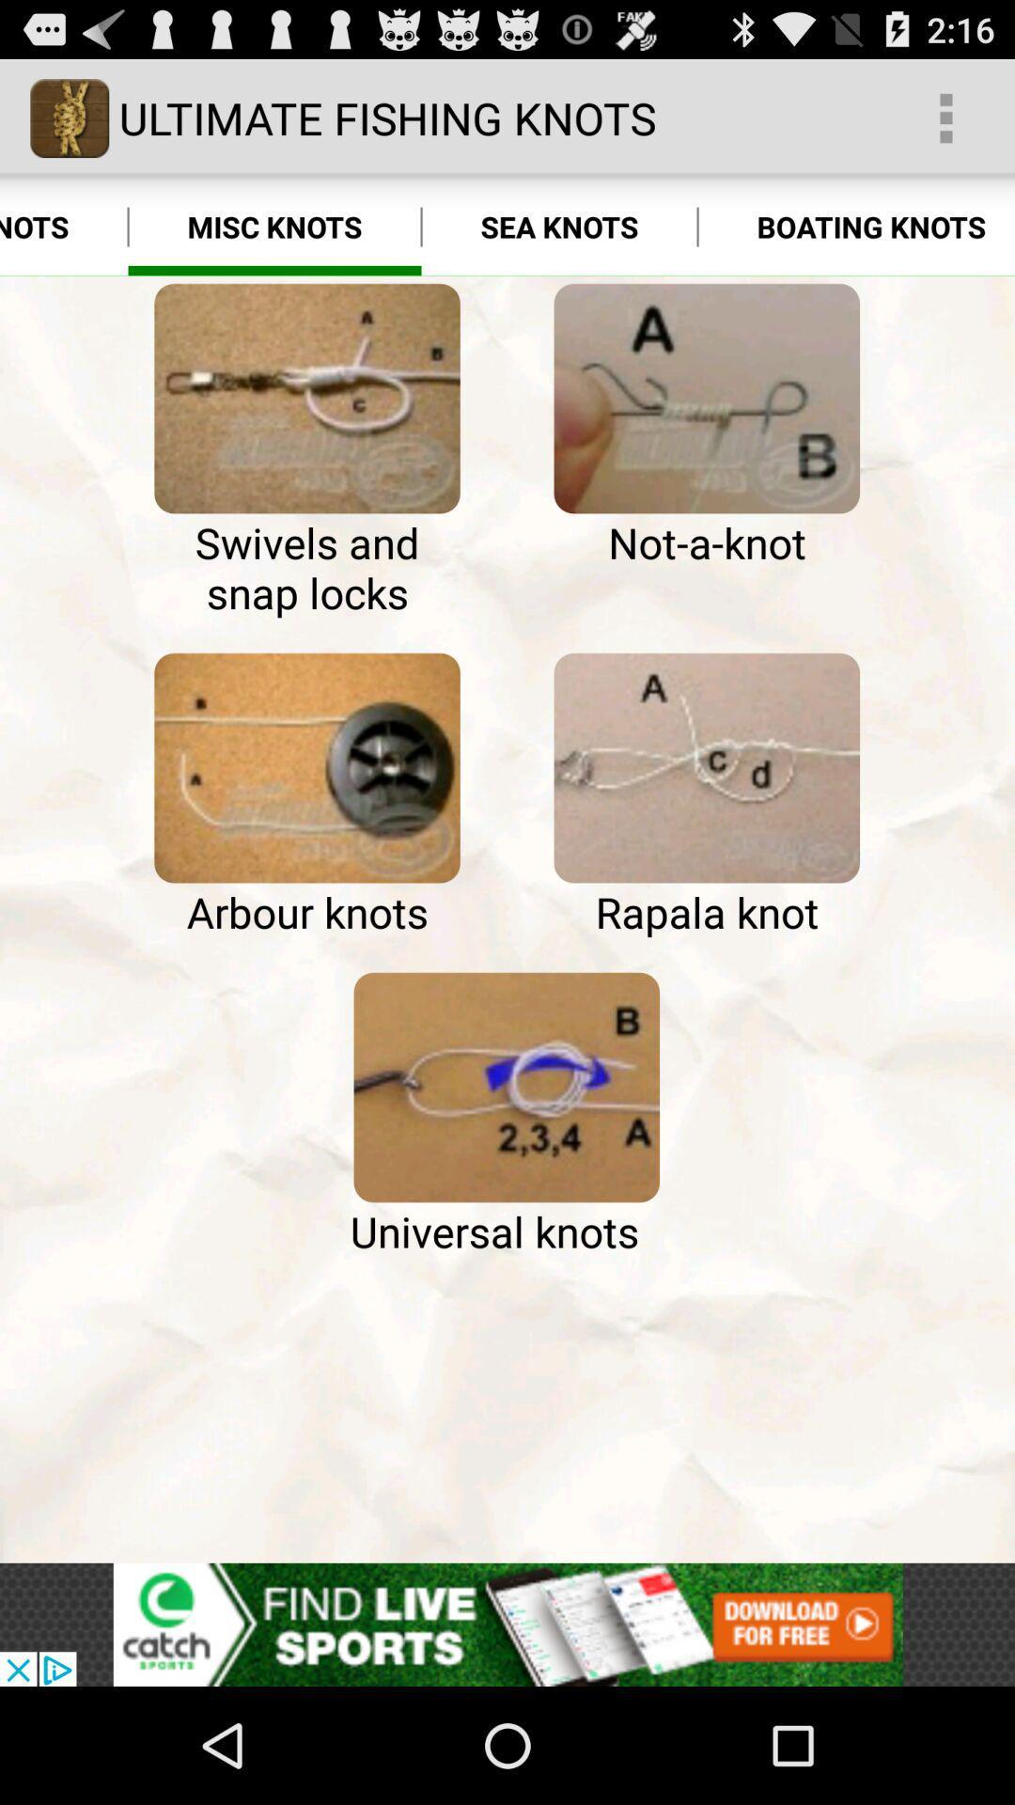 This screenshot has height=1805, width=1015. I want to click on fishing line attached to the arbor of a fishing ree, so click(306, 768).